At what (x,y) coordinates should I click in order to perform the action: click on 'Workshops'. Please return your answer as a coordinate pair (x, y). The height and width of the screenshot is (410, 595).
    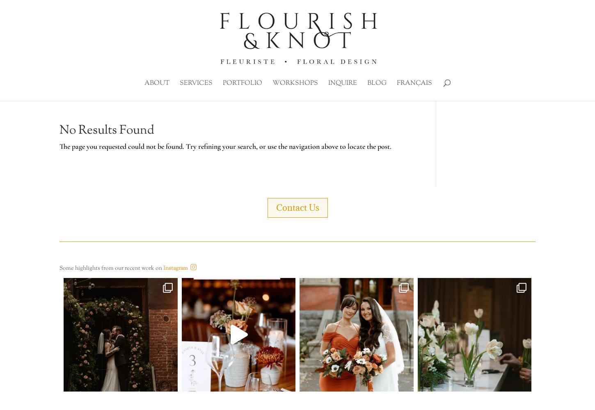
    Looking at the image, I should click on (295, 83).